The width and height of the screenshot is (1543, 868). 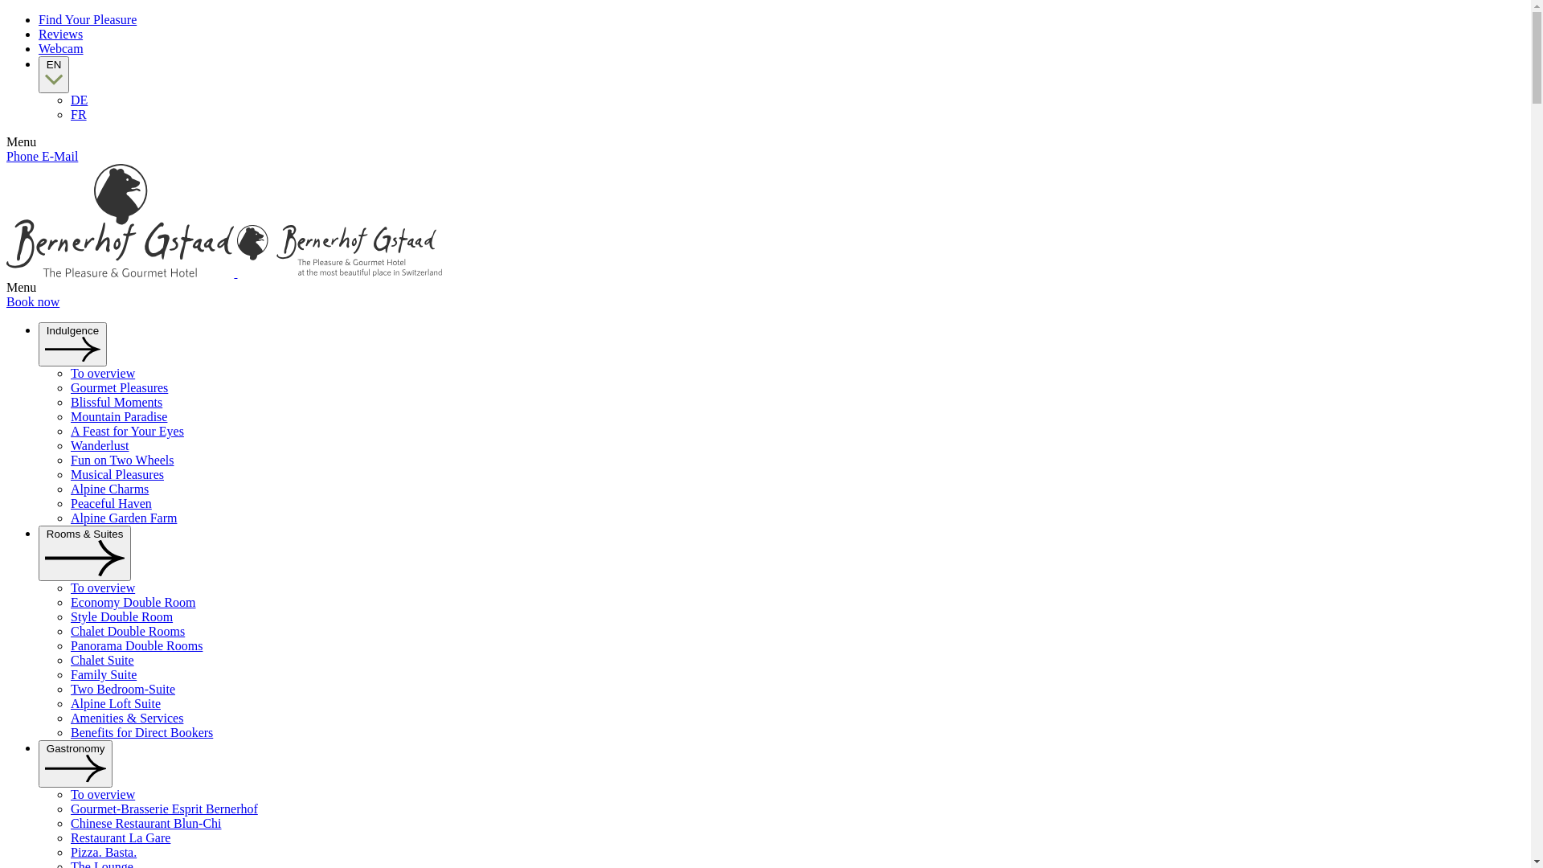 I want to click on 'Chalet Suite', so click(x=69, y=660).